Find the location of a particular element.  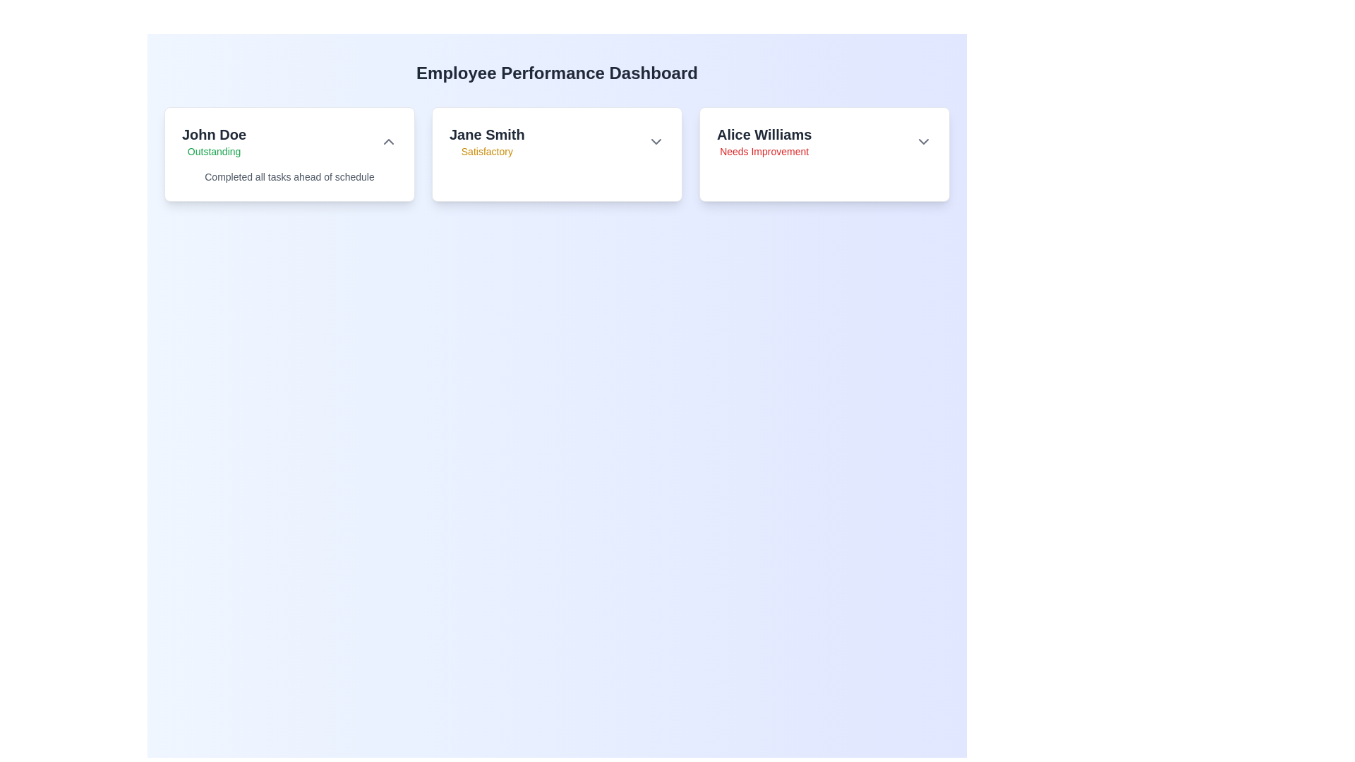

text label displaying 'Alice Williams' which is prominently styled in bold and large size, located at the top of the card in the 'Employee Performance Dashboard' is located at coordinates (764, 135).